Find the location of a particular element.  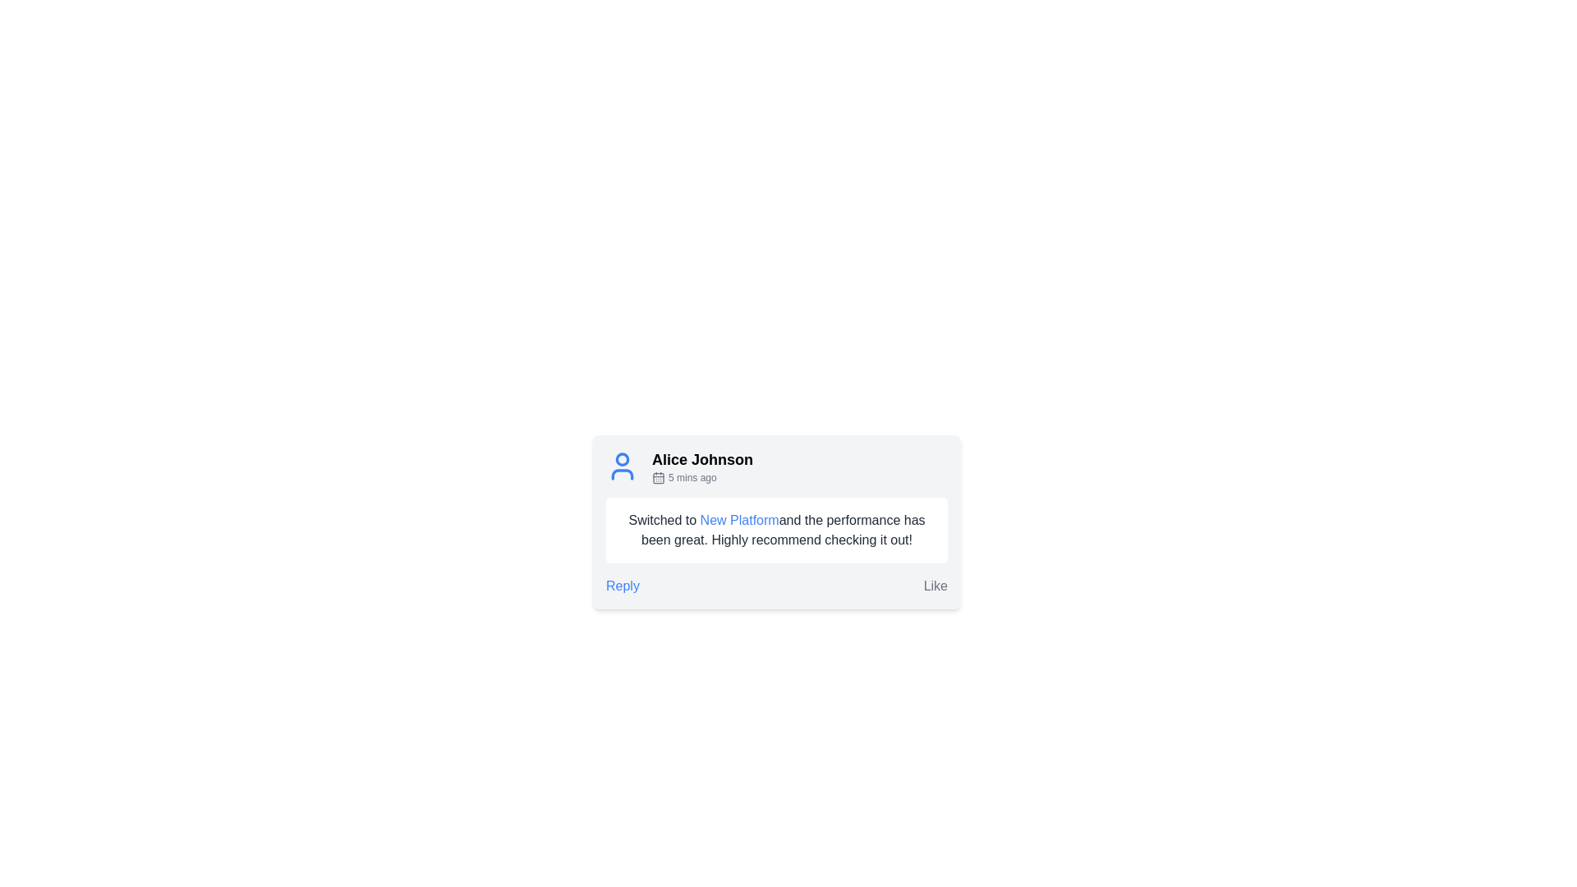

the text label displaying the name 'Alice Johnson', which is prominently styled and positioned at the upper left of a user interaction card, above the text '5 mins ago' is located at coordinates (702, 459).